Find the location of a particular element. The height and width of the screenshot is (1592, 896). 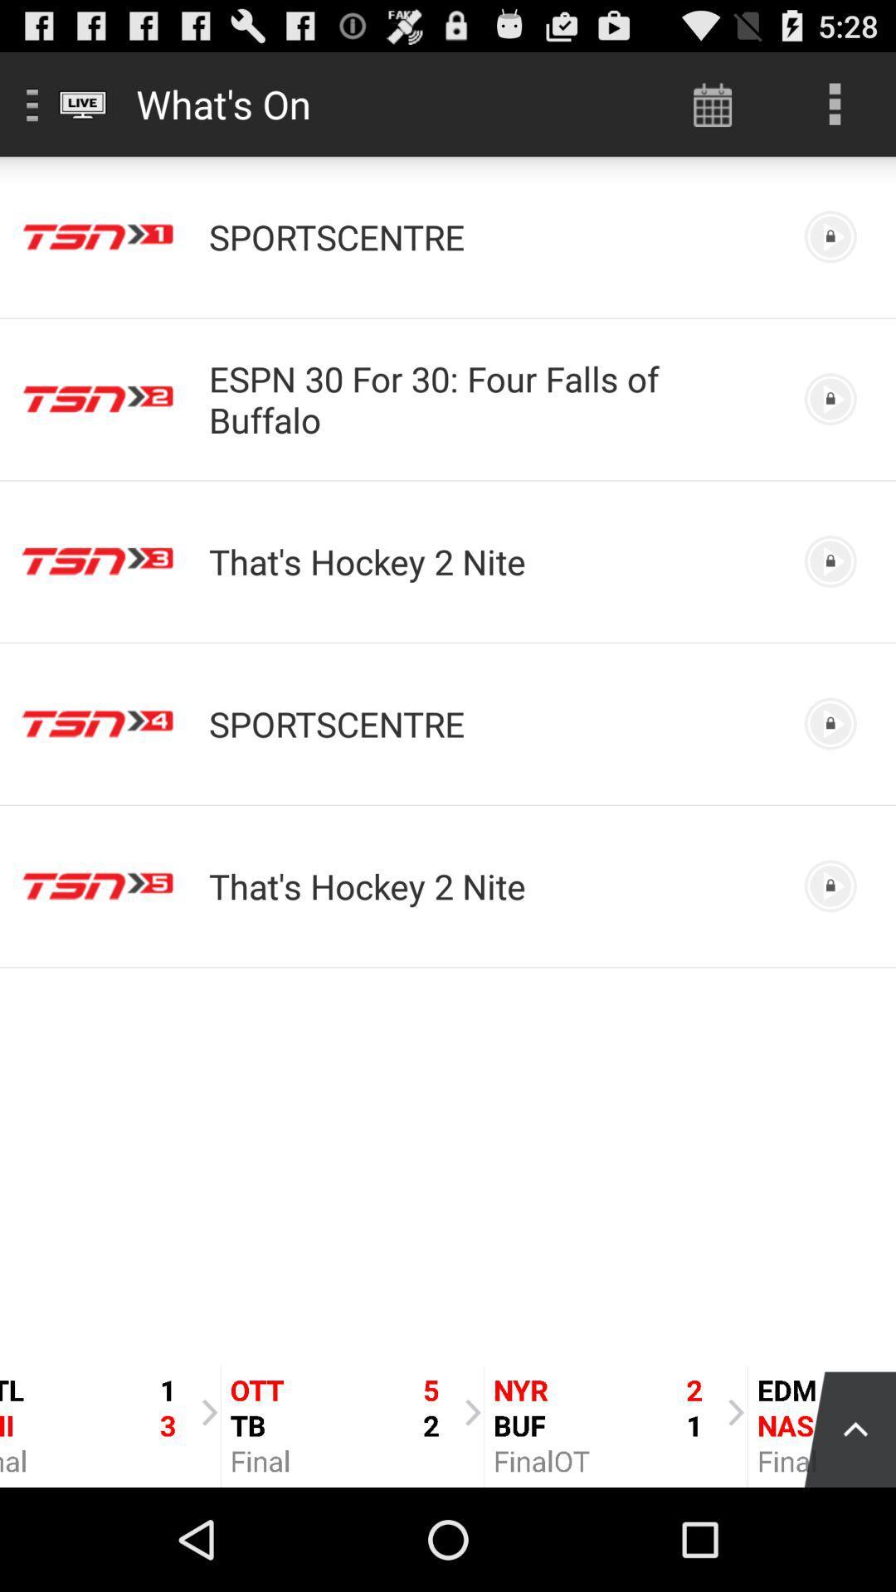

icon to the right of the what's on item is located at coordinates (712, 103).